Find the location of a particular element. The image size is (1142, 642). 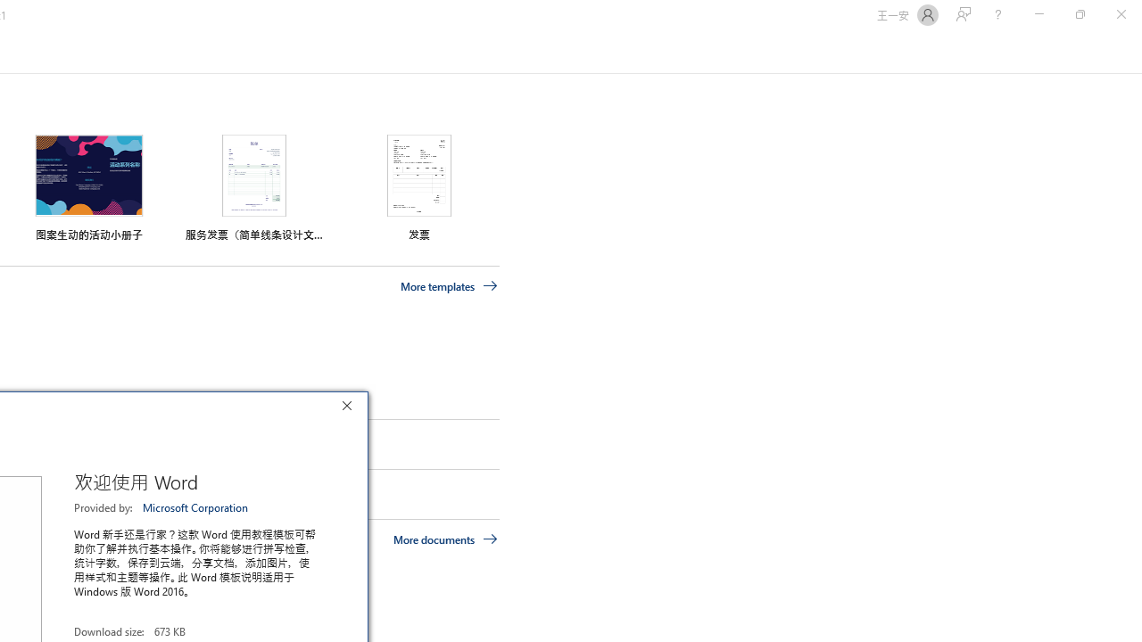

'Microsoft Corporation' is located at coordinates (196, 507).